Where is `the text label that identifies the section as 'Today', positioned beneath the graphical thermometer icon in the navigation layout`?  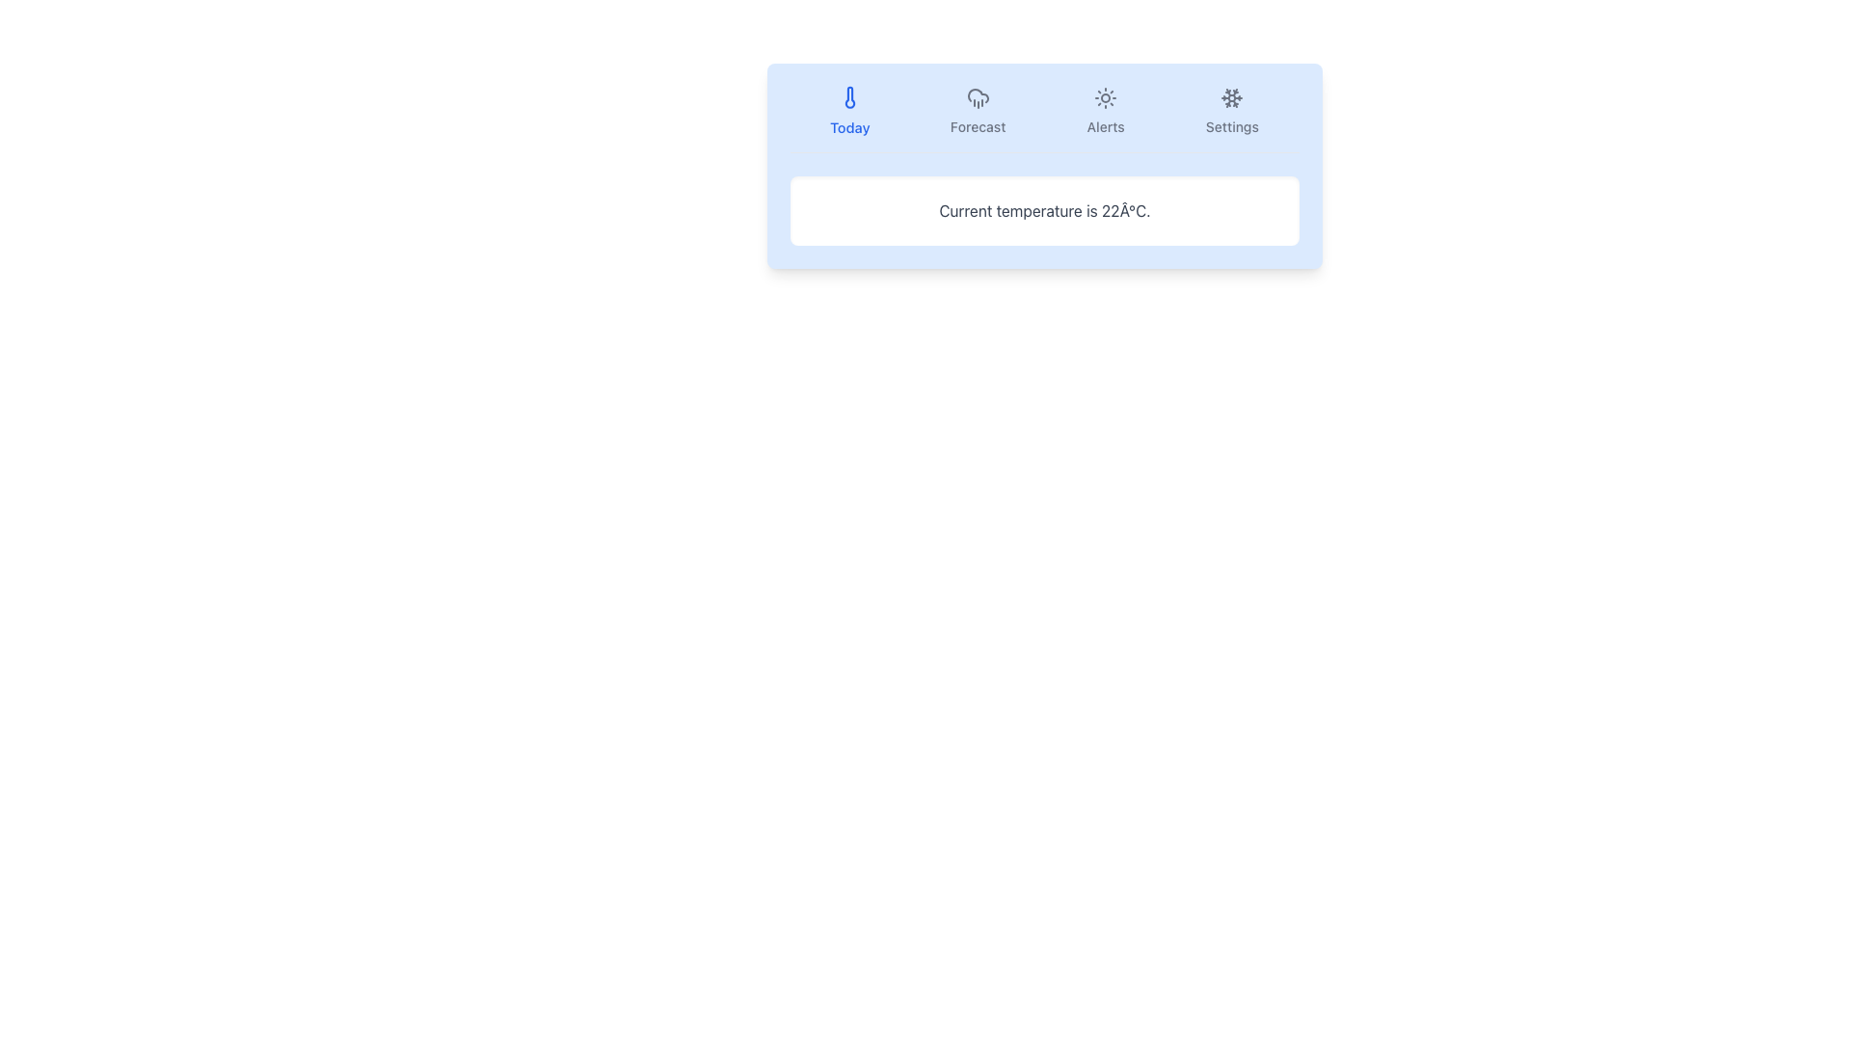 the text label that identifies the section as 'Today', positioned beneath the graphical thermometer icon in the navigation layout is located at coordinates (848, 127).